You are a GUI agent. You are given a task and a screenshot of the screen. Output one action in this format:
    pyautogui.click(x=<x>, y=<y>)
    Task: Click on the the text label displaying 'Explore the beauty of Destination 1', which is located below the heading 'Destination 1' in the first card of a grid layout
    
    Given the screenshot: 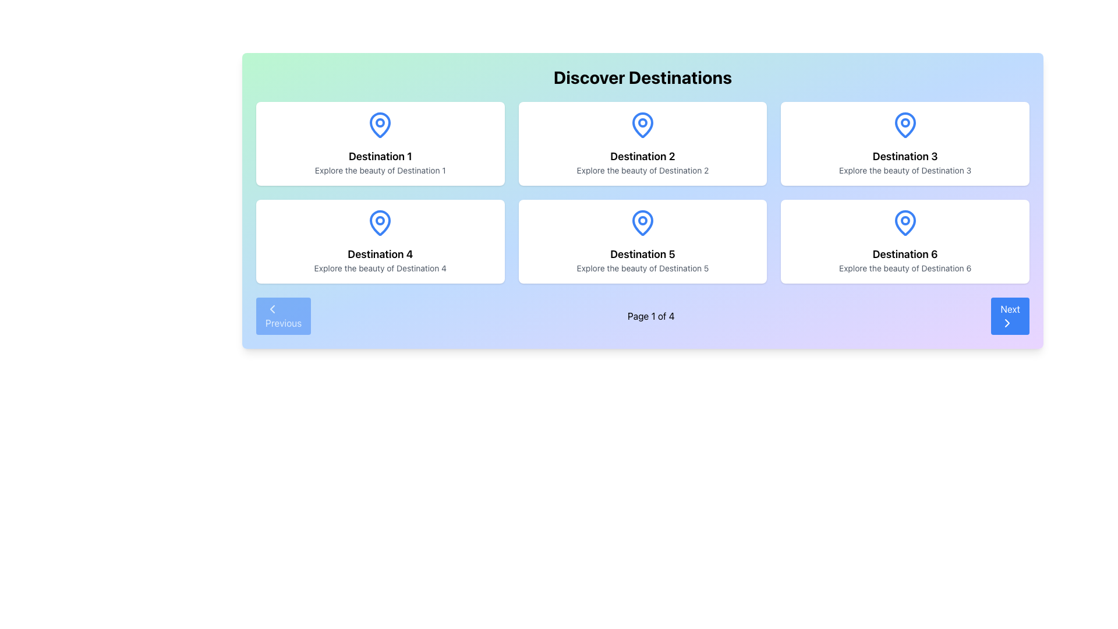 What is the action you would take?
    pyautogui.click(x=380, y=171)
    